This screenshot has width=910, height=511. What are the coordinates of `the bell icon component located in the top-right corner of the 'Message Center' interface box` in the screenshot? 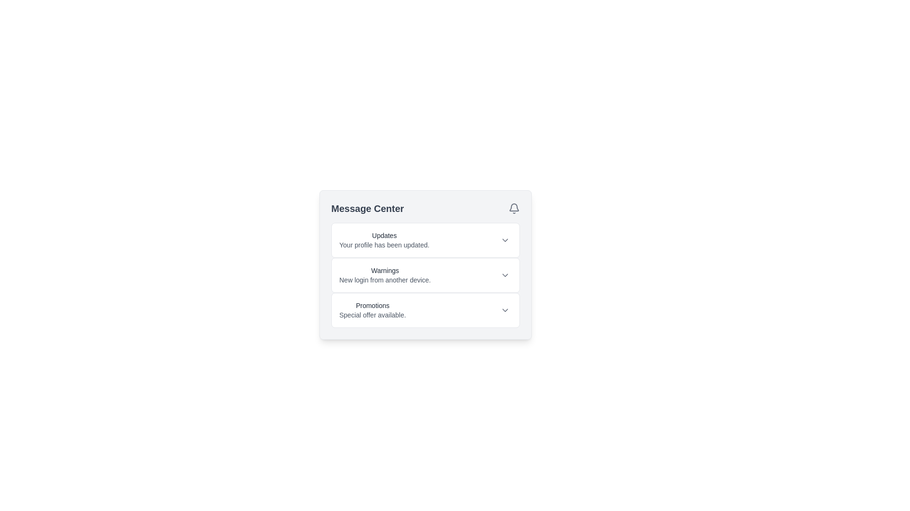 It's located at (513, 207).